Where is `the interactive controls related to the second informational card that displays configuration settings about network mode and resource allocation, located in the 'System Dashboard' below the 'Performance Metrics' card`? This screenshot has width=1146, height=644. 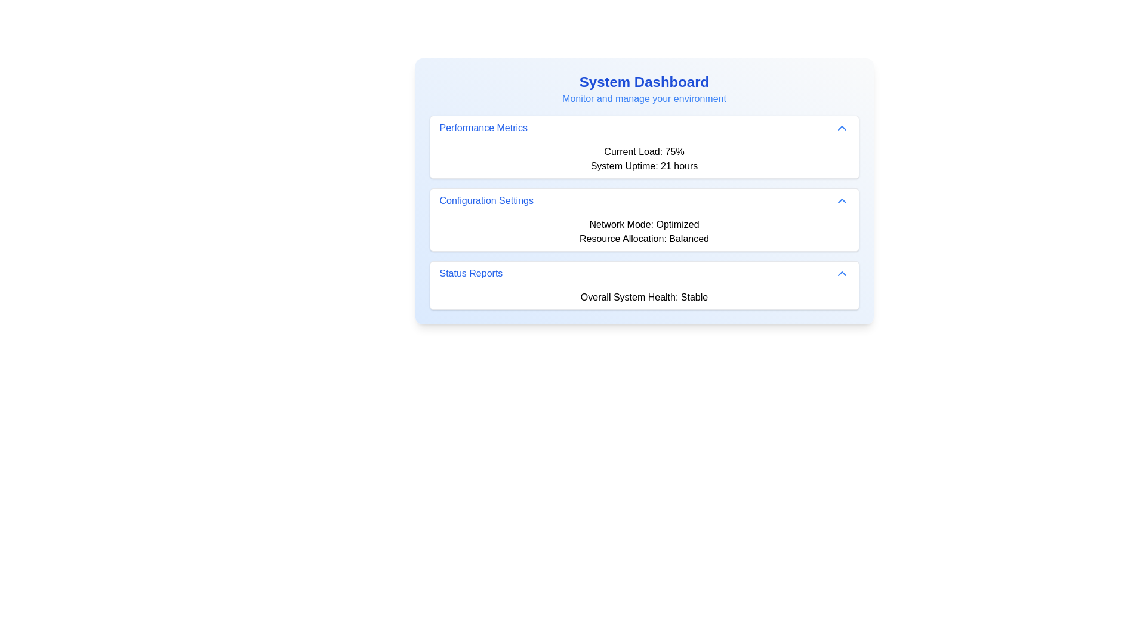
the interactive controls related to the second informational card that displays configuration settings about network mode and resource allocation, located in the 'System Dashboard' below the 'Performance Metrics' card is located at coordinates (643, 212).